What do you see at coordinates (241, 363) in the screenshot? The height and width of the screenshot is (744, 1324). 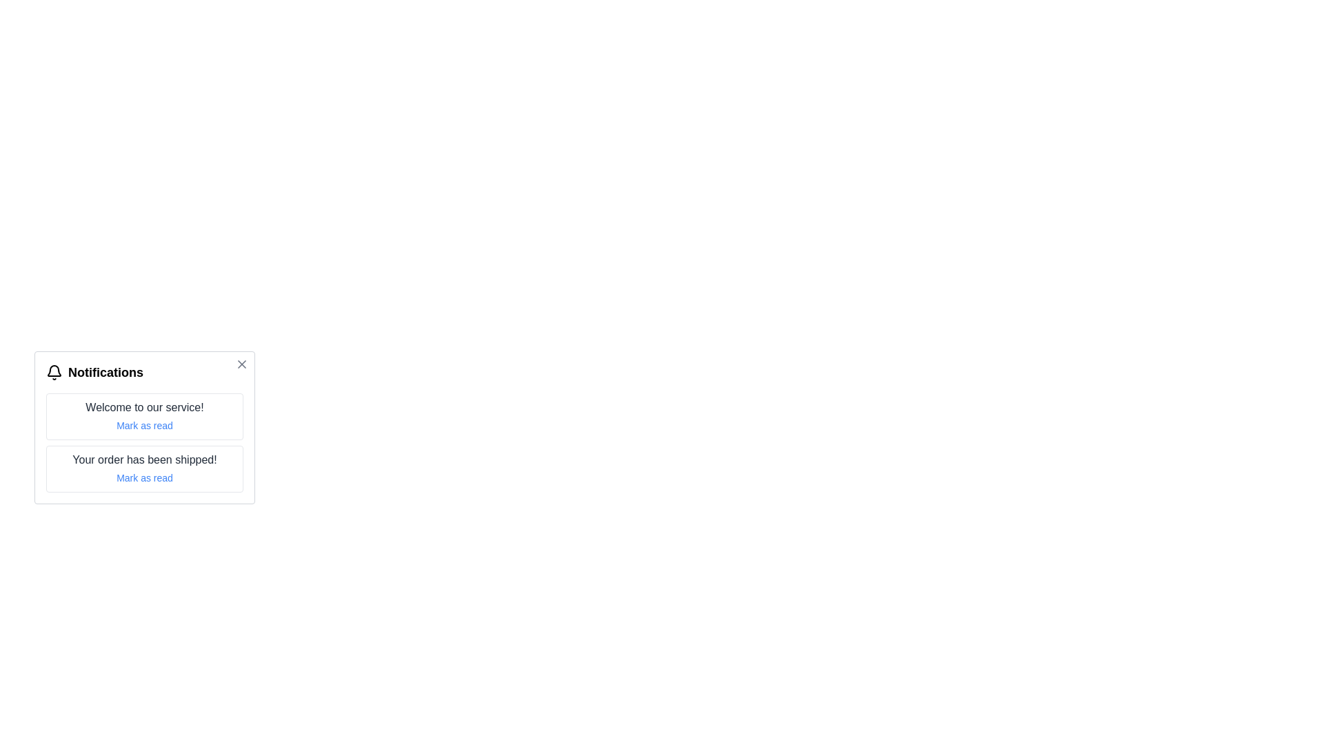 I see `the Close Icon (SVG) located at the top-right corner of the notification dialog` at bounding box center [241, 363].